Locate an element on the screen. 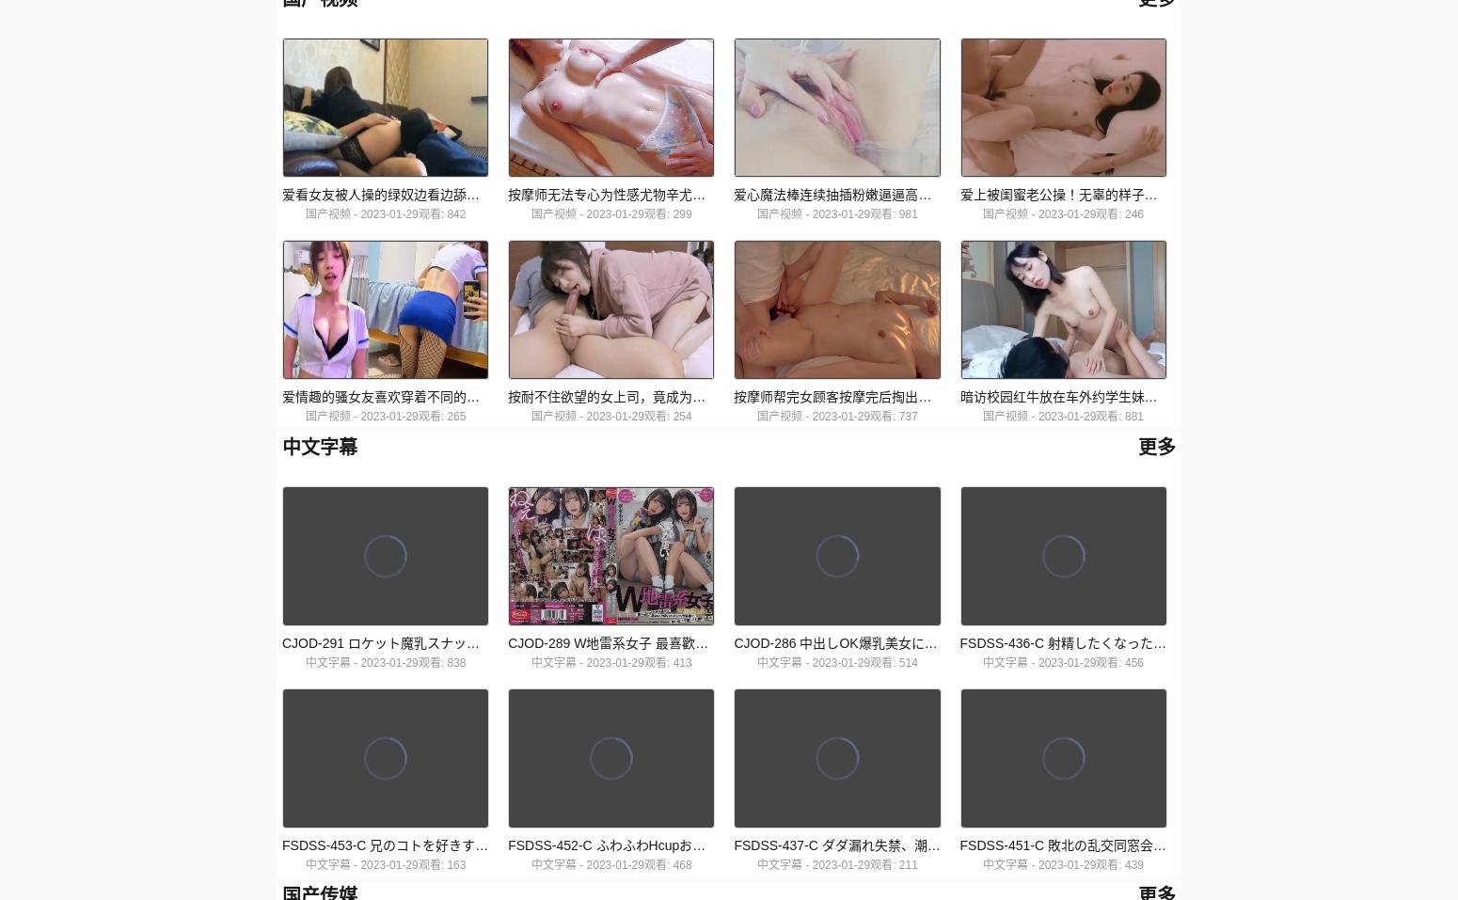  '2023-01-29观看: 881' is located at coordinates (1089, 415).